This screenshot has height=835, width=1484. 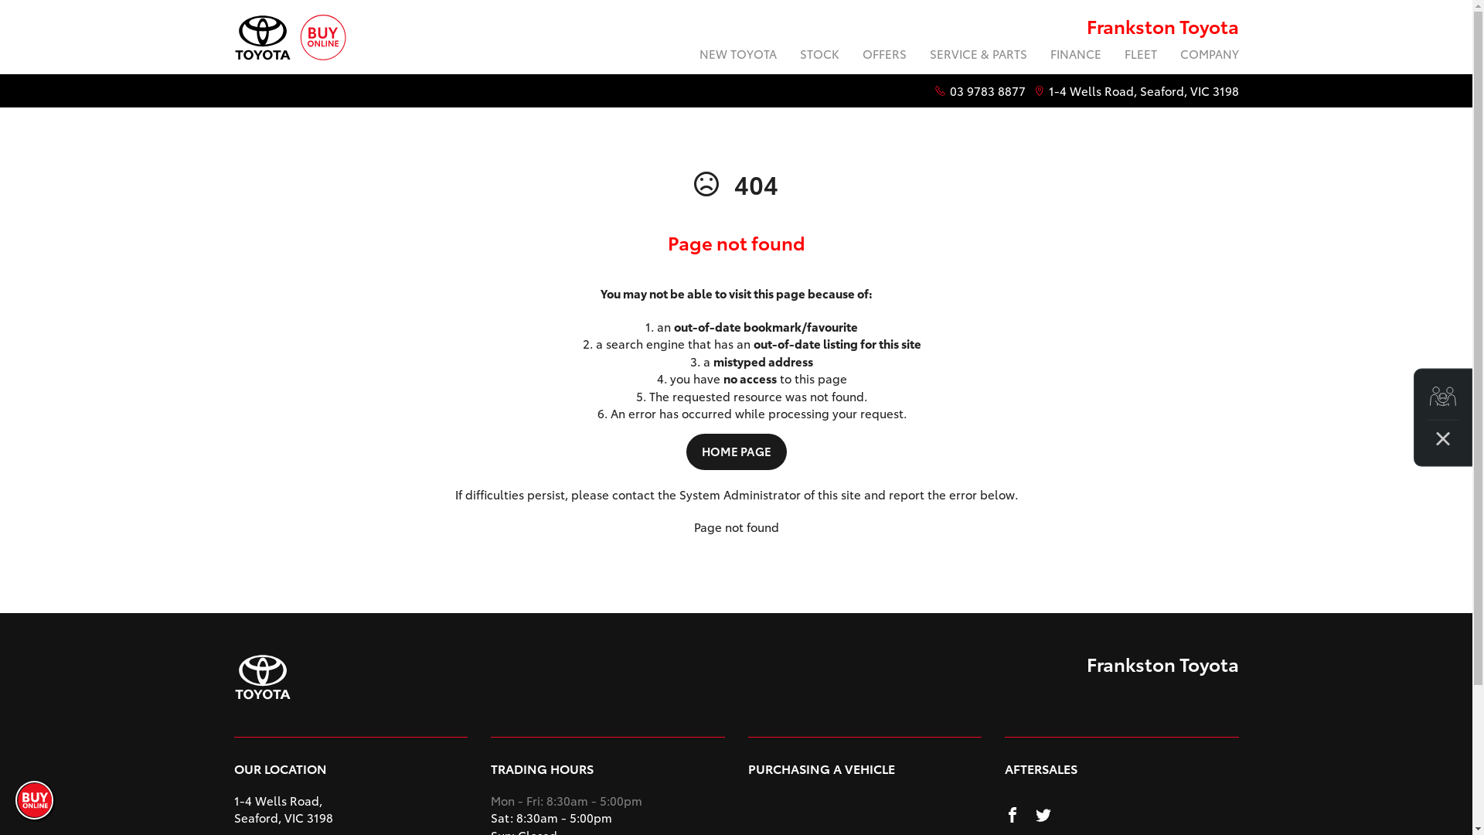 I want to click on 'SERVICE & PARTS', so click(x=978, y=55).